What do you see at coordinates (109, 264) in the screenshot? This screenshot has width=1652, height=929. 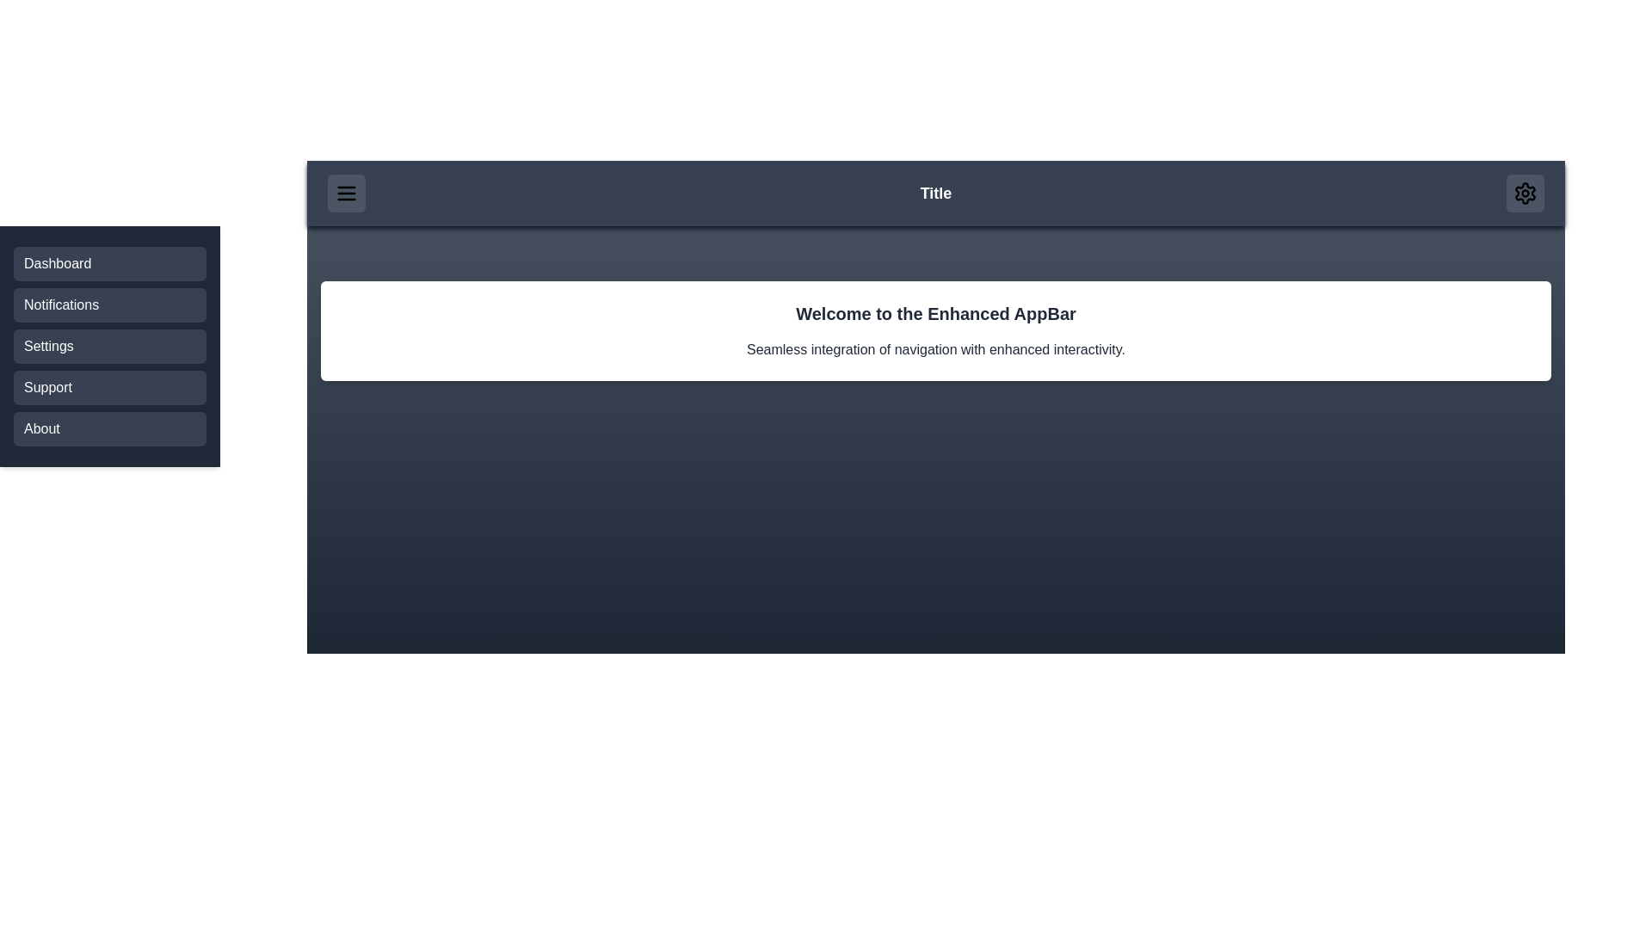 I see `the Dashboard menu item` at bounding box center [109, 264].